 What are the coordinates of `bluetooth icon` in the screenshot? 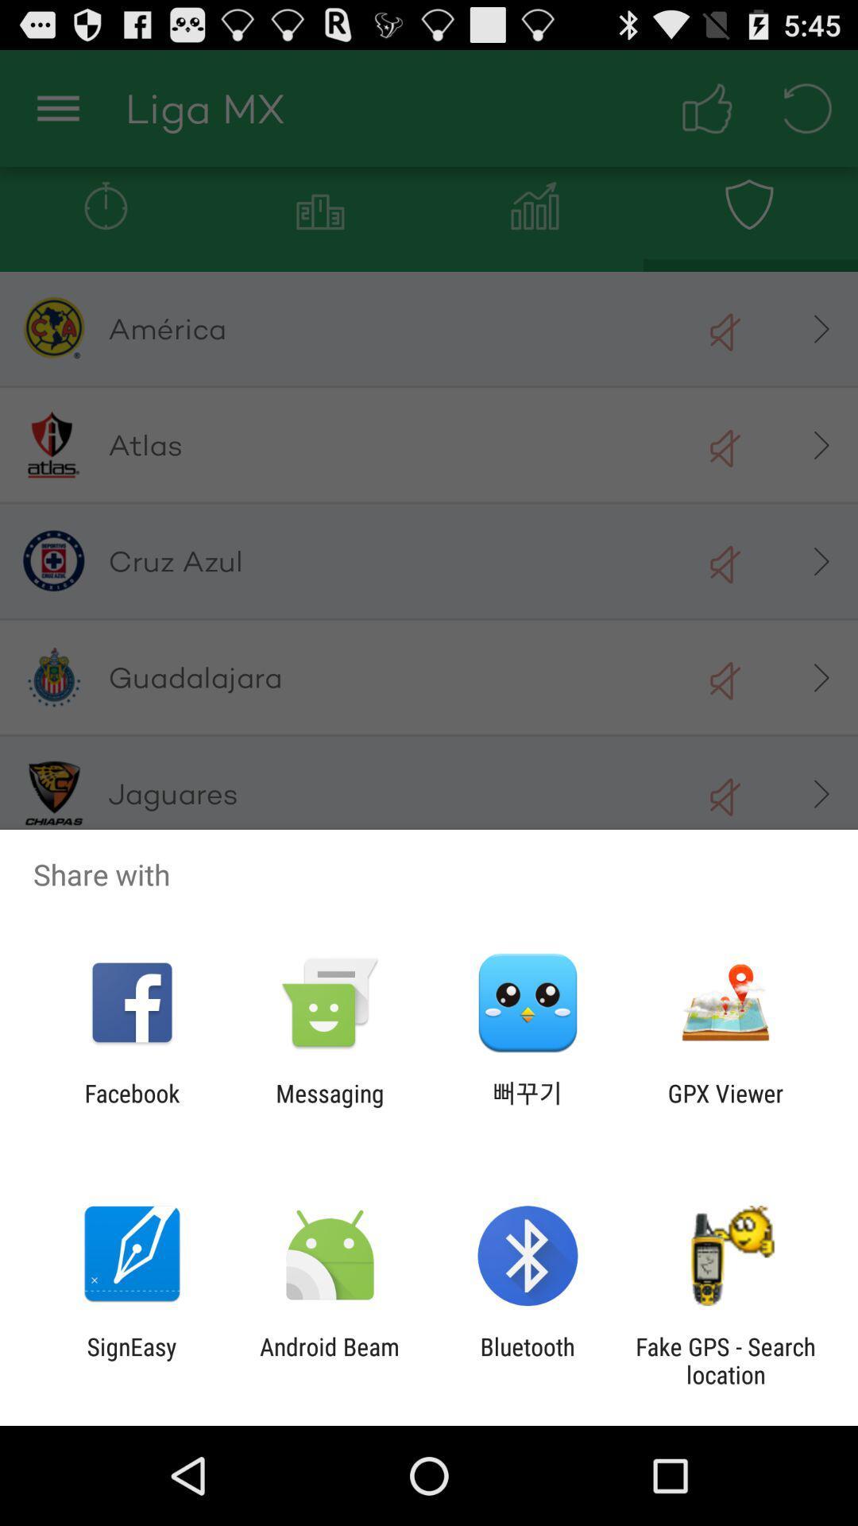 It's located at (528, 1360).